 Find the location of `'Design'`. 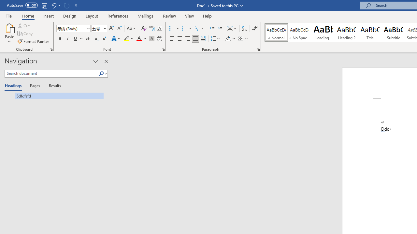

'Design' is located at coordinates (70, 16).